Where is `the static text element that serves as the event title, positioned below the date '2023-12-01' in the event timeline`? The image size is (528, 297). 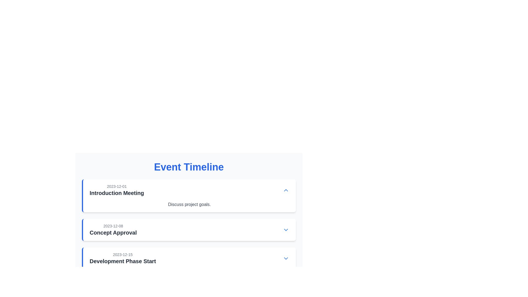
the static text element that serves as the event title, positioned below the date '2023-12-01' in the event timeline is located at coordinates (116, 193).